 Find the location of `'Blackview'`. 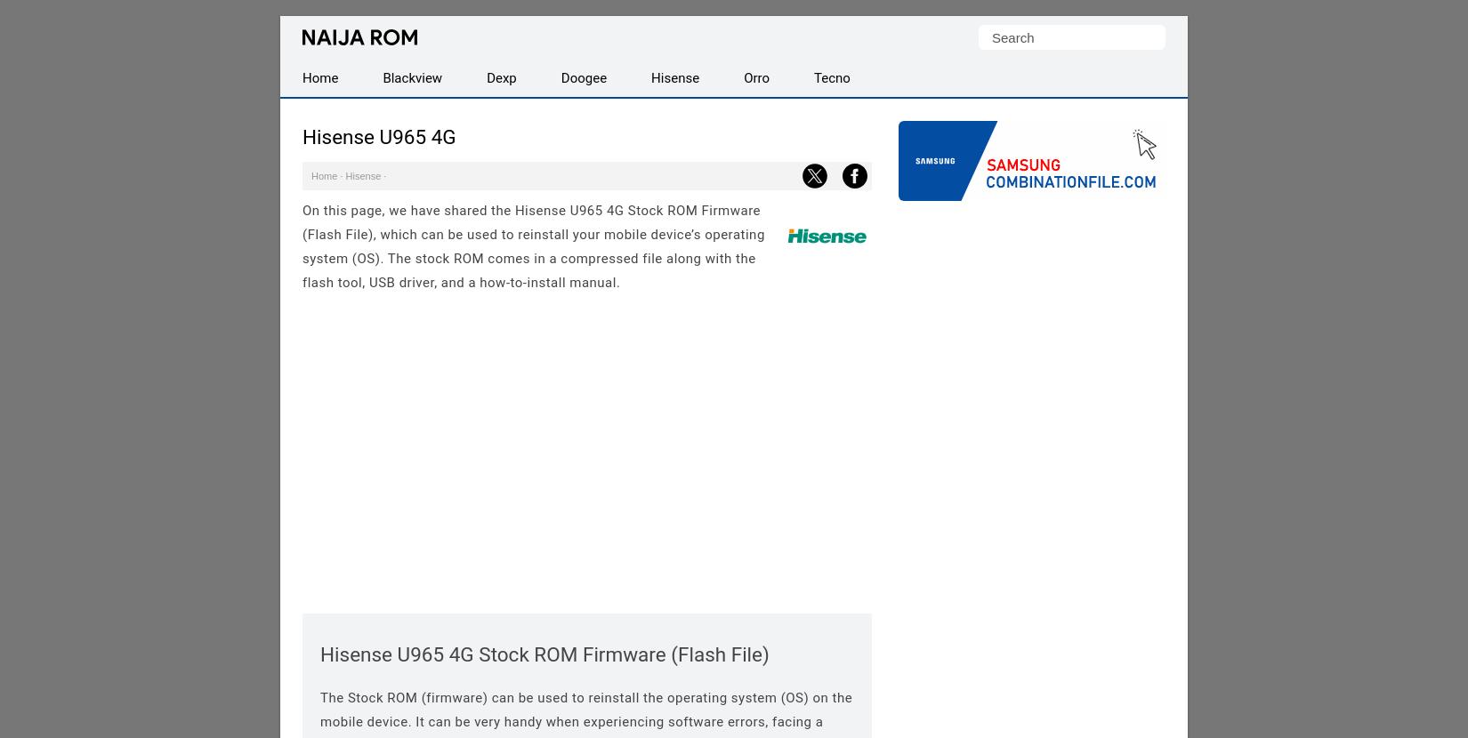

'Blackview' is located at coordinates (381, 77).